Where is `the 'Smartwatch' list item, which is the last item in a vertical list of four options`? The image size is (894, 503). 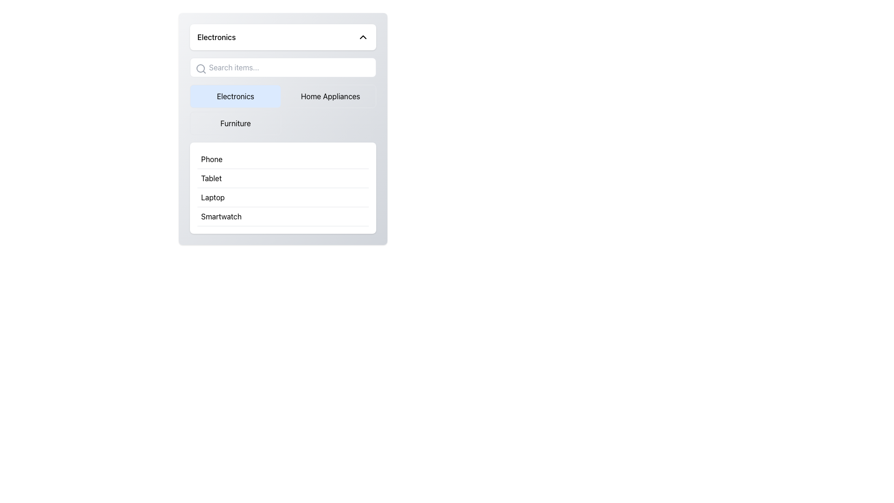 the 'Smartwatch' list item, which is the last item in a vertical list of four options is located at coordinates (283, 217).